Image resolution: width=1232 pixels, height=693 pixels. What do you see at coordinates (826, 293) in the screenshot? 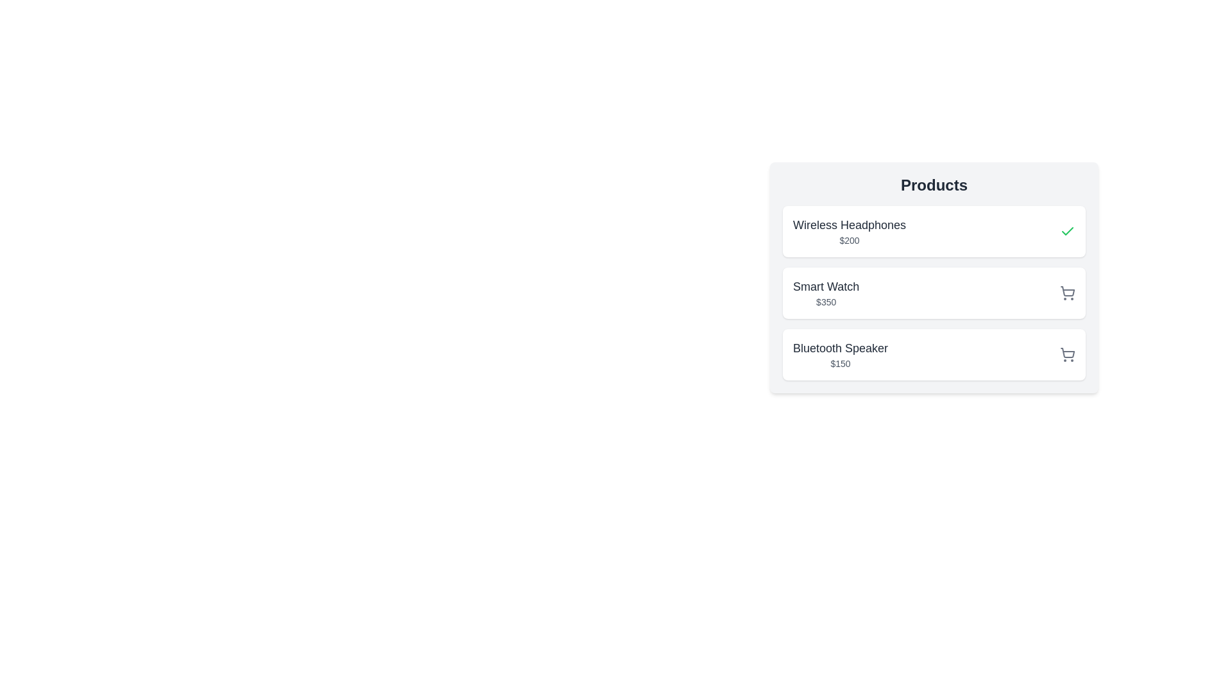
I see `text from the Text Display that contains the product name 'Smart Watch' and its price '$350', which is styled with a larger bold font for the product name and a smaller lighter style for the price, located centrally within a white card with rounded corners` at bounding box center [826, 293].